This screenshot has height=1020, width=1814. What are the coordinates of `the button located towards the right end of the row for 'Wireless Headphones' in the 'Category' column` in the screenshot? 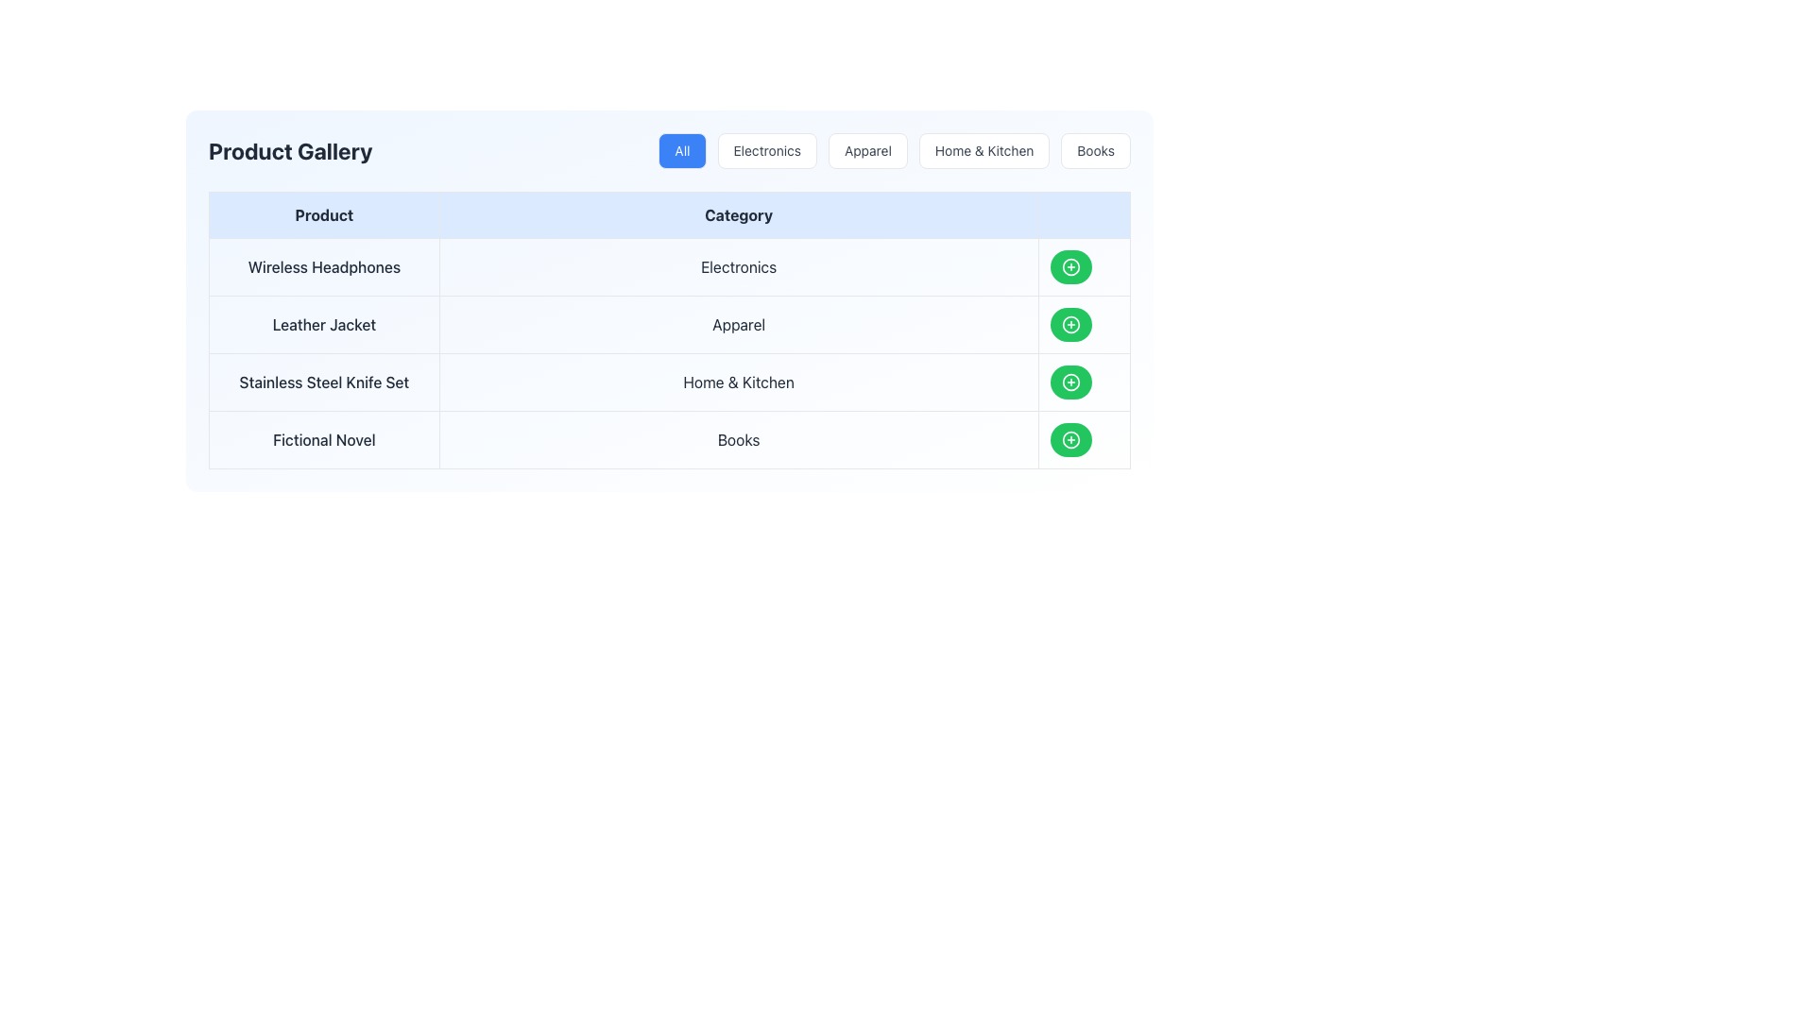 It's located at (1084, 266).